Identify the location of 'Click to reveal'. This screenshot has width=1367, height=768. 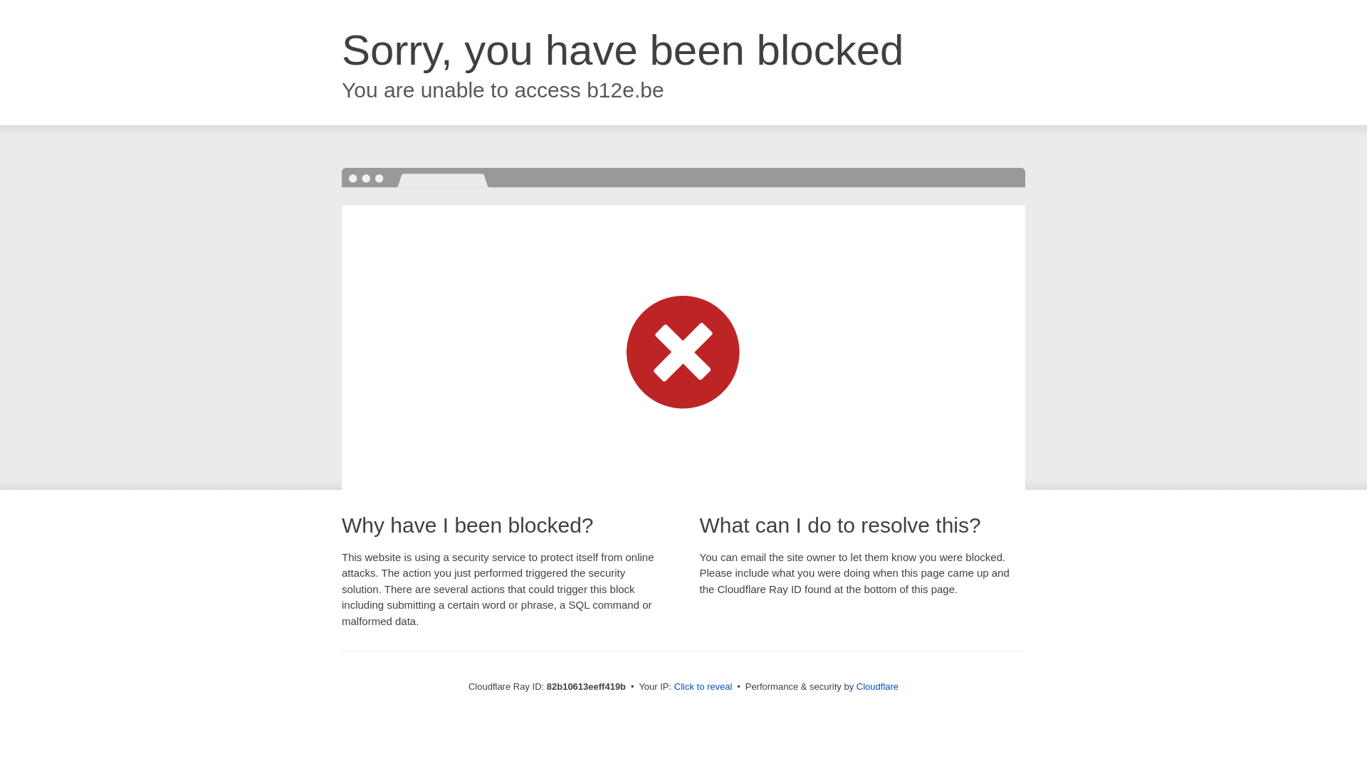
(703, 686).